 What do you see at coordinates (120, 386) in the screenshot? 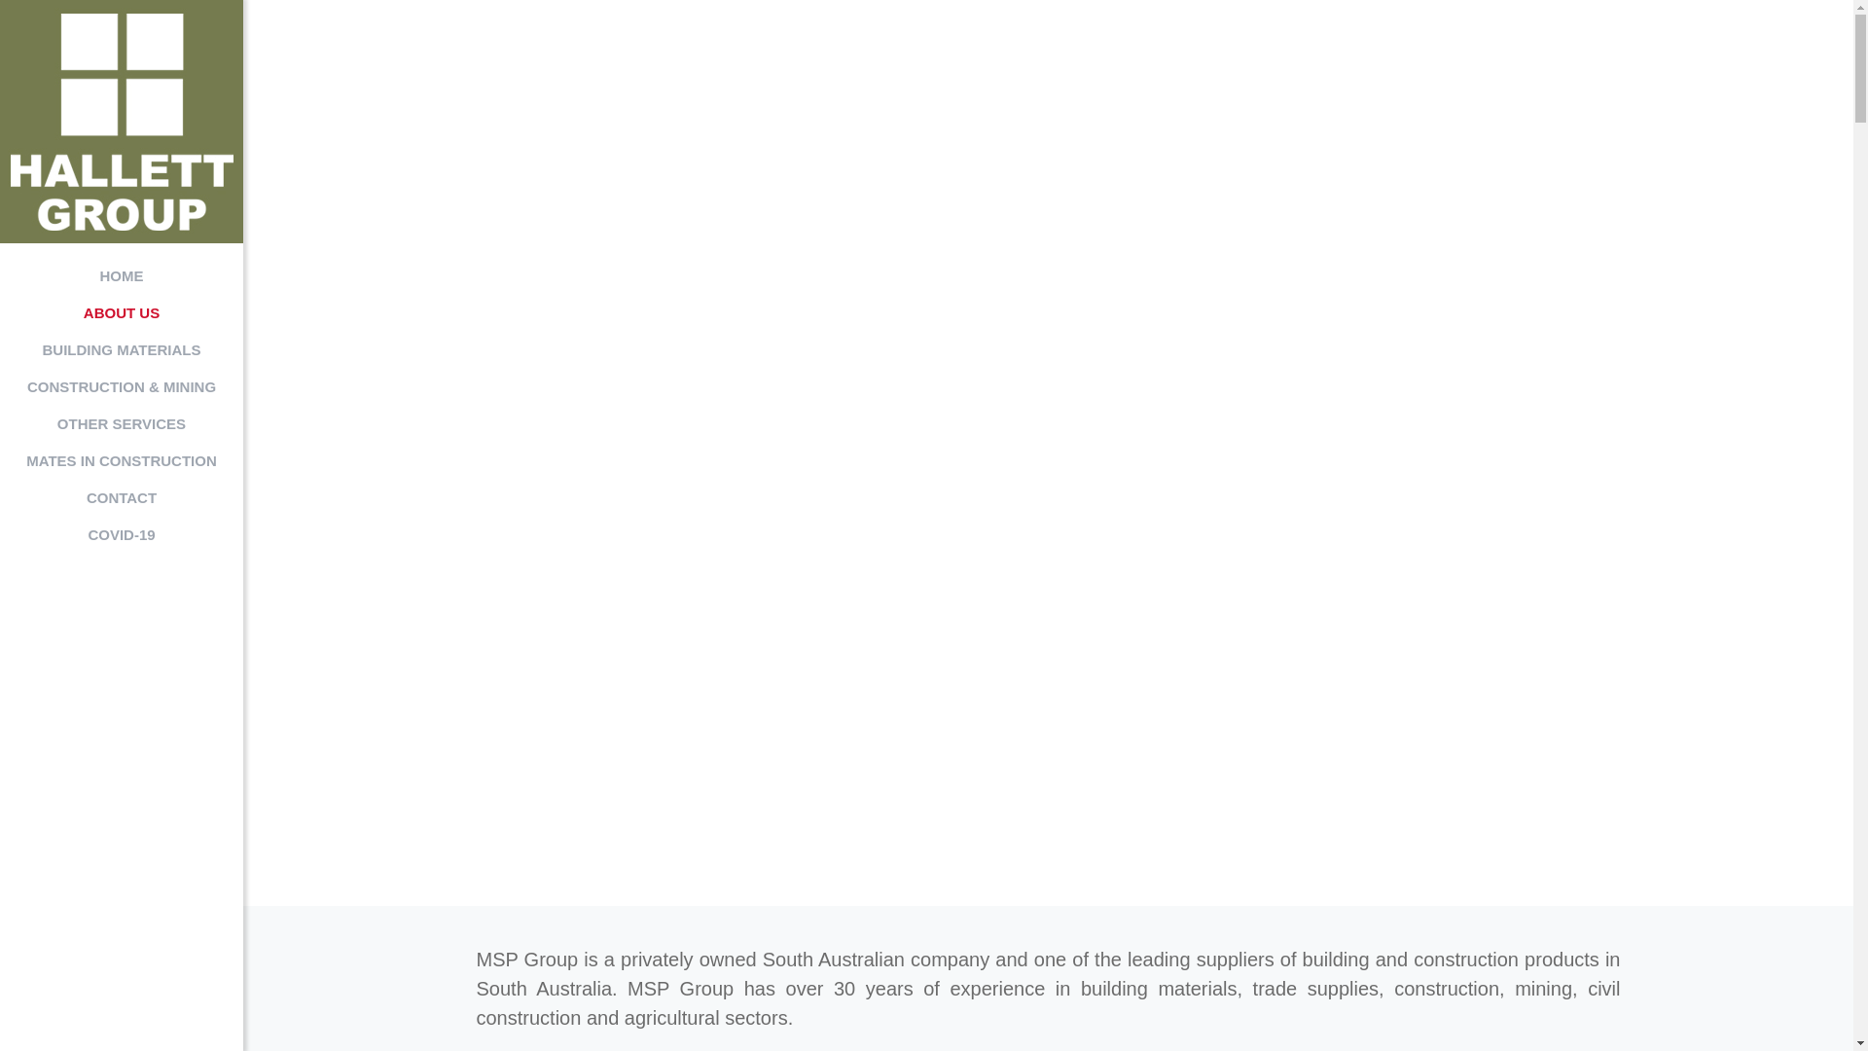
I see `'CONSTRUCTION & MINING'` at bounding box center [120, 386].